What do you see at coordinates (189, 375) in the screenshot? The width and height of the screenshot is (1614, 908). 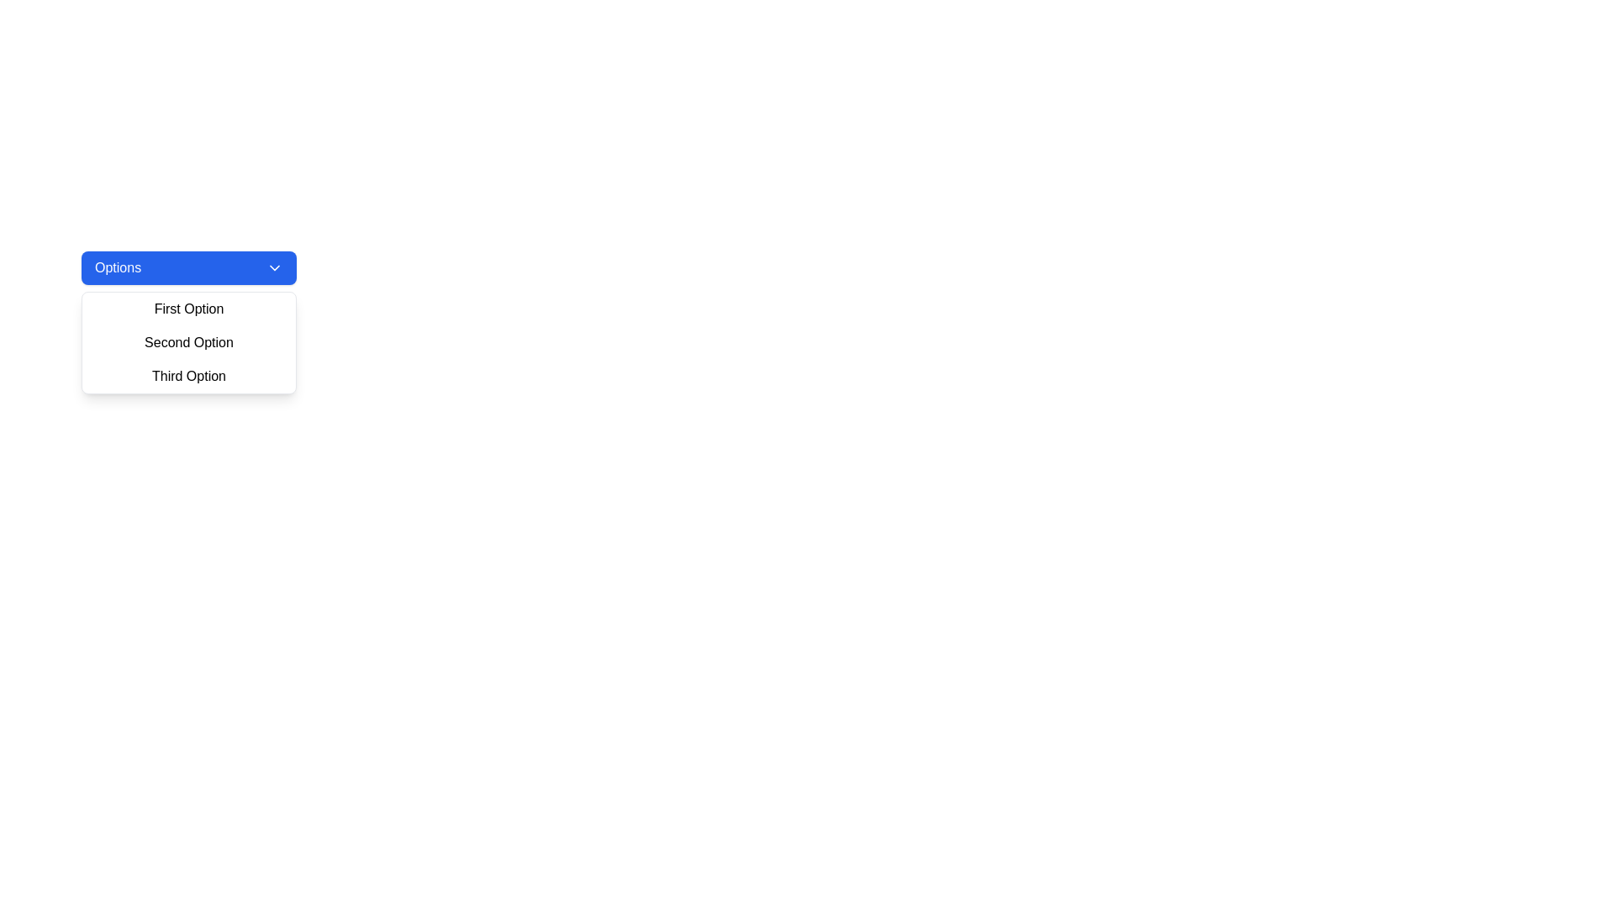 I see `the third item in the dropdown menu located below the 'Options' blue button` at bounding box center [189, 375].